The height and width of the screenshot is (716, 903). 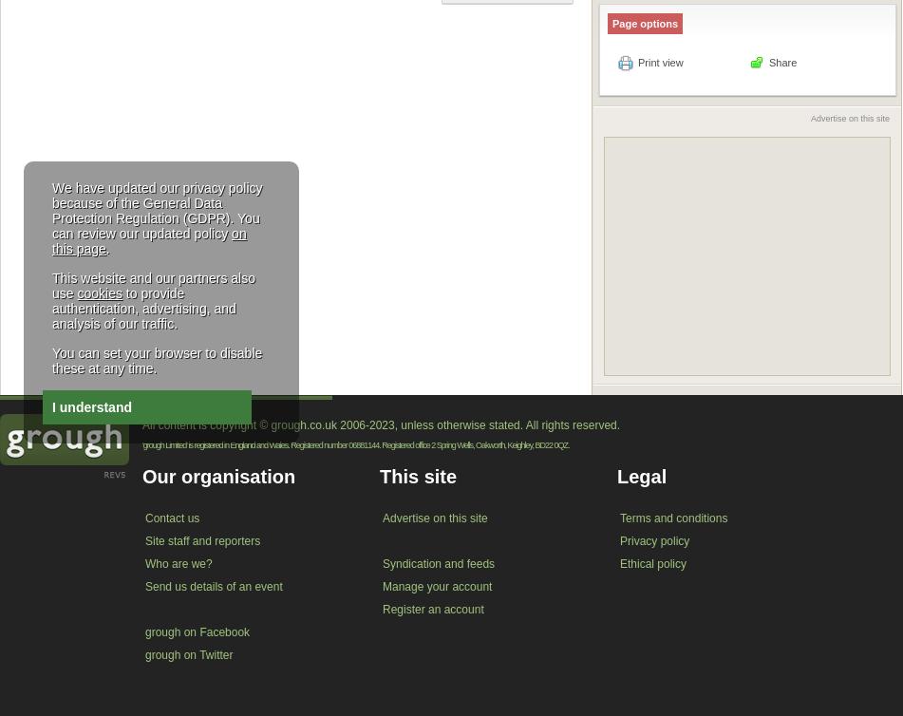 I want to click on ''grough Limited' is registered in England and Wales. Registered number 06881144. Registered office 2 Spring Wells, Oakworth, Keighley, BD22 0QZ.', so click(x=355, y=444).